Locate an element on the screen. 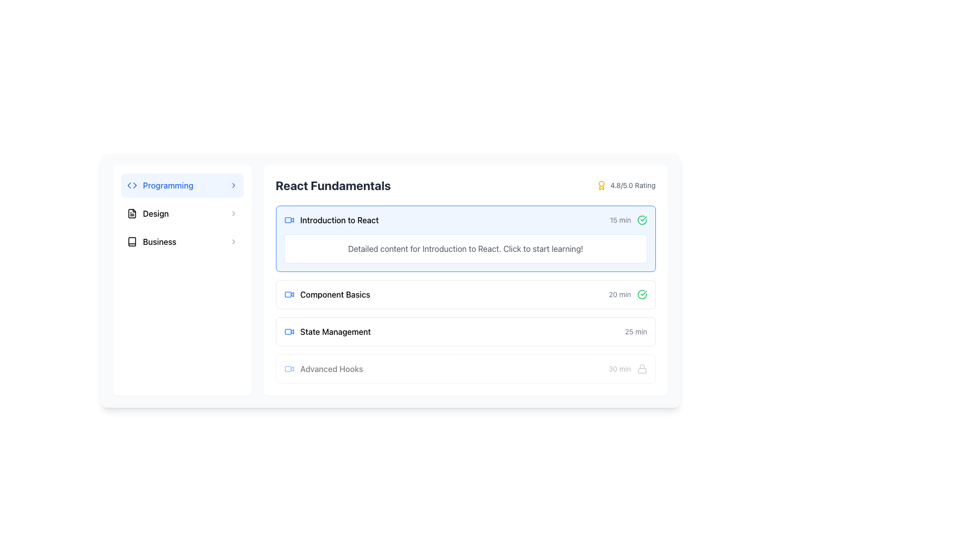  the icon that visually emphasizes the excellent rating score next to the '4.8/5.0 Rating' text, located at the top right corner of the 'React Fundamentals' section is located at coordinates (601, 186).